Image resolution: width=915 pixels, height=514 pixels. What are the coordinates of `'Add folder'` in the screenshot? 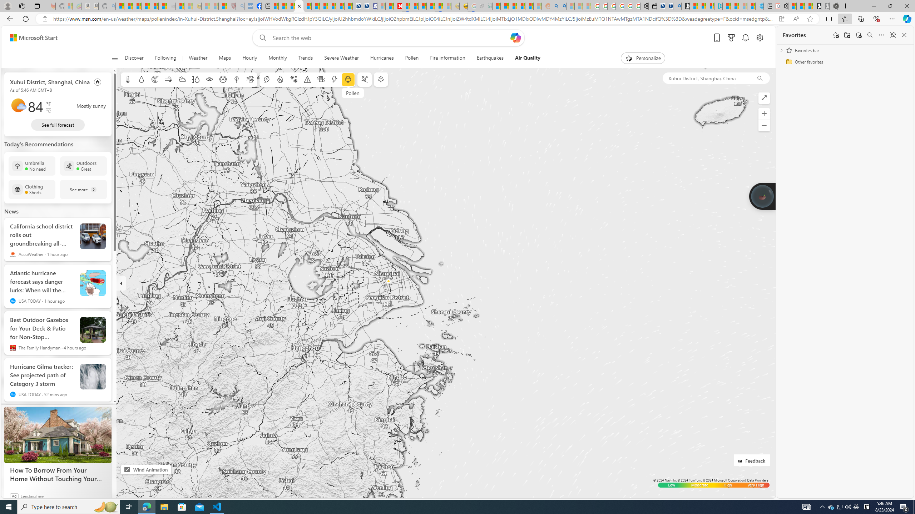 It's located at (846, 34).